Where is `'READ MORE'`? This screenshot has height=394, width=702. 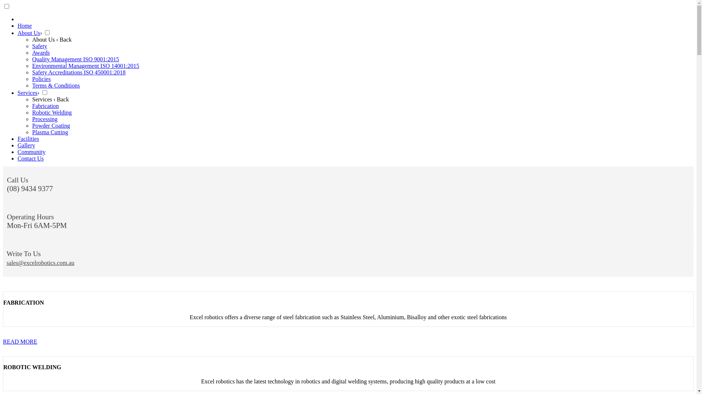 'READ MORE' is located at coordinates (3, 341).